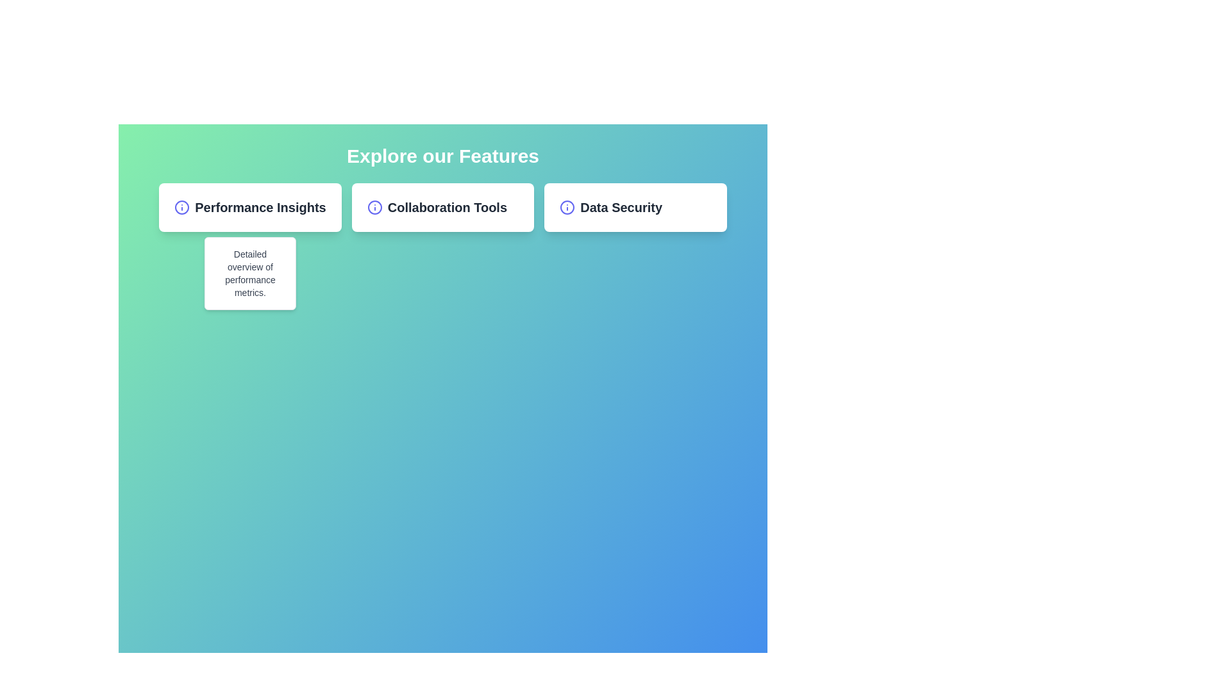 The image size is (1231, 692). I want to click on the circular blue icon with a bold border located to the left of the 'Collaboration Tools' text, so click(374, 207).